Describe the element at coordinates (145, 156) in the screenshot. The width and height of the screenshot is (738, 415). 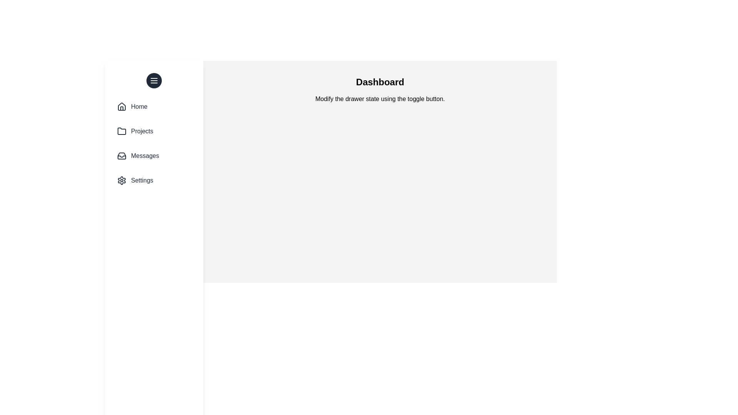
I see `the text 'Messages' in the drawer` at that location.